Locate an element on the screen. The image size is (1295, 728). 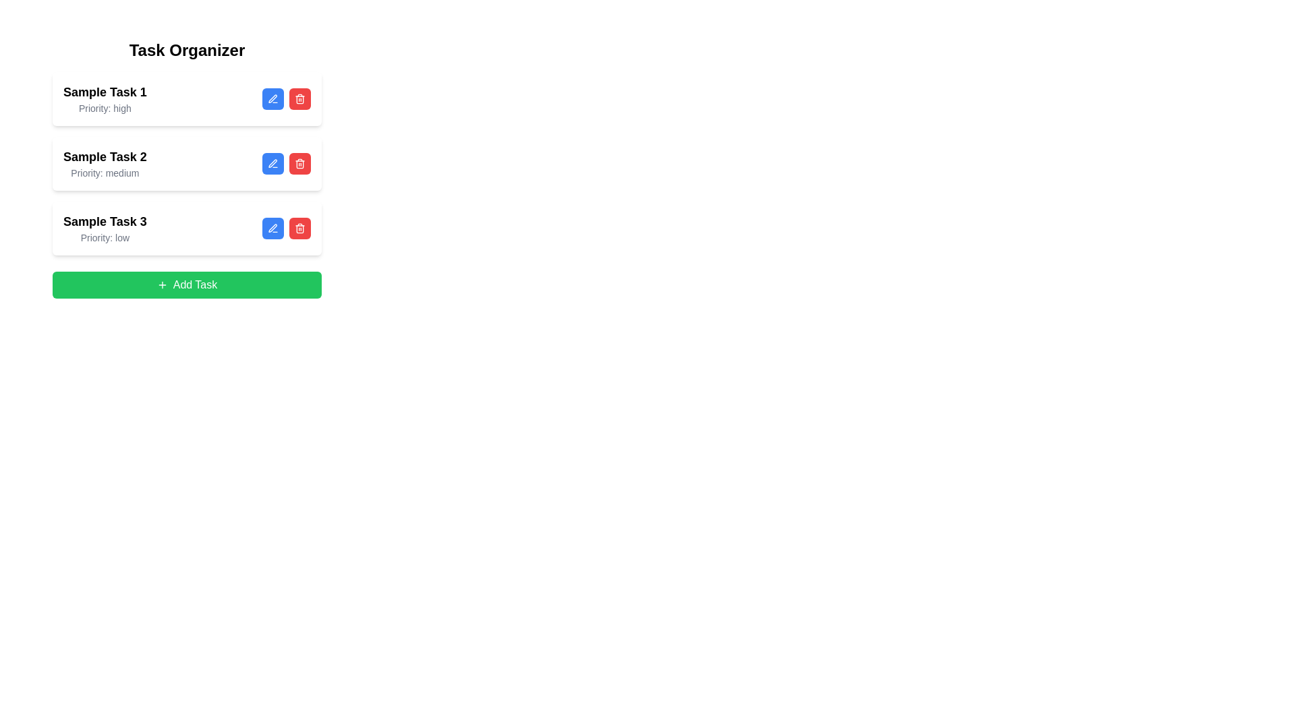
the text label displaying 'Priority: high', which is located directly beneath 'Sample Task 1' in the task organizer interface is located at coordinates (104, 108).